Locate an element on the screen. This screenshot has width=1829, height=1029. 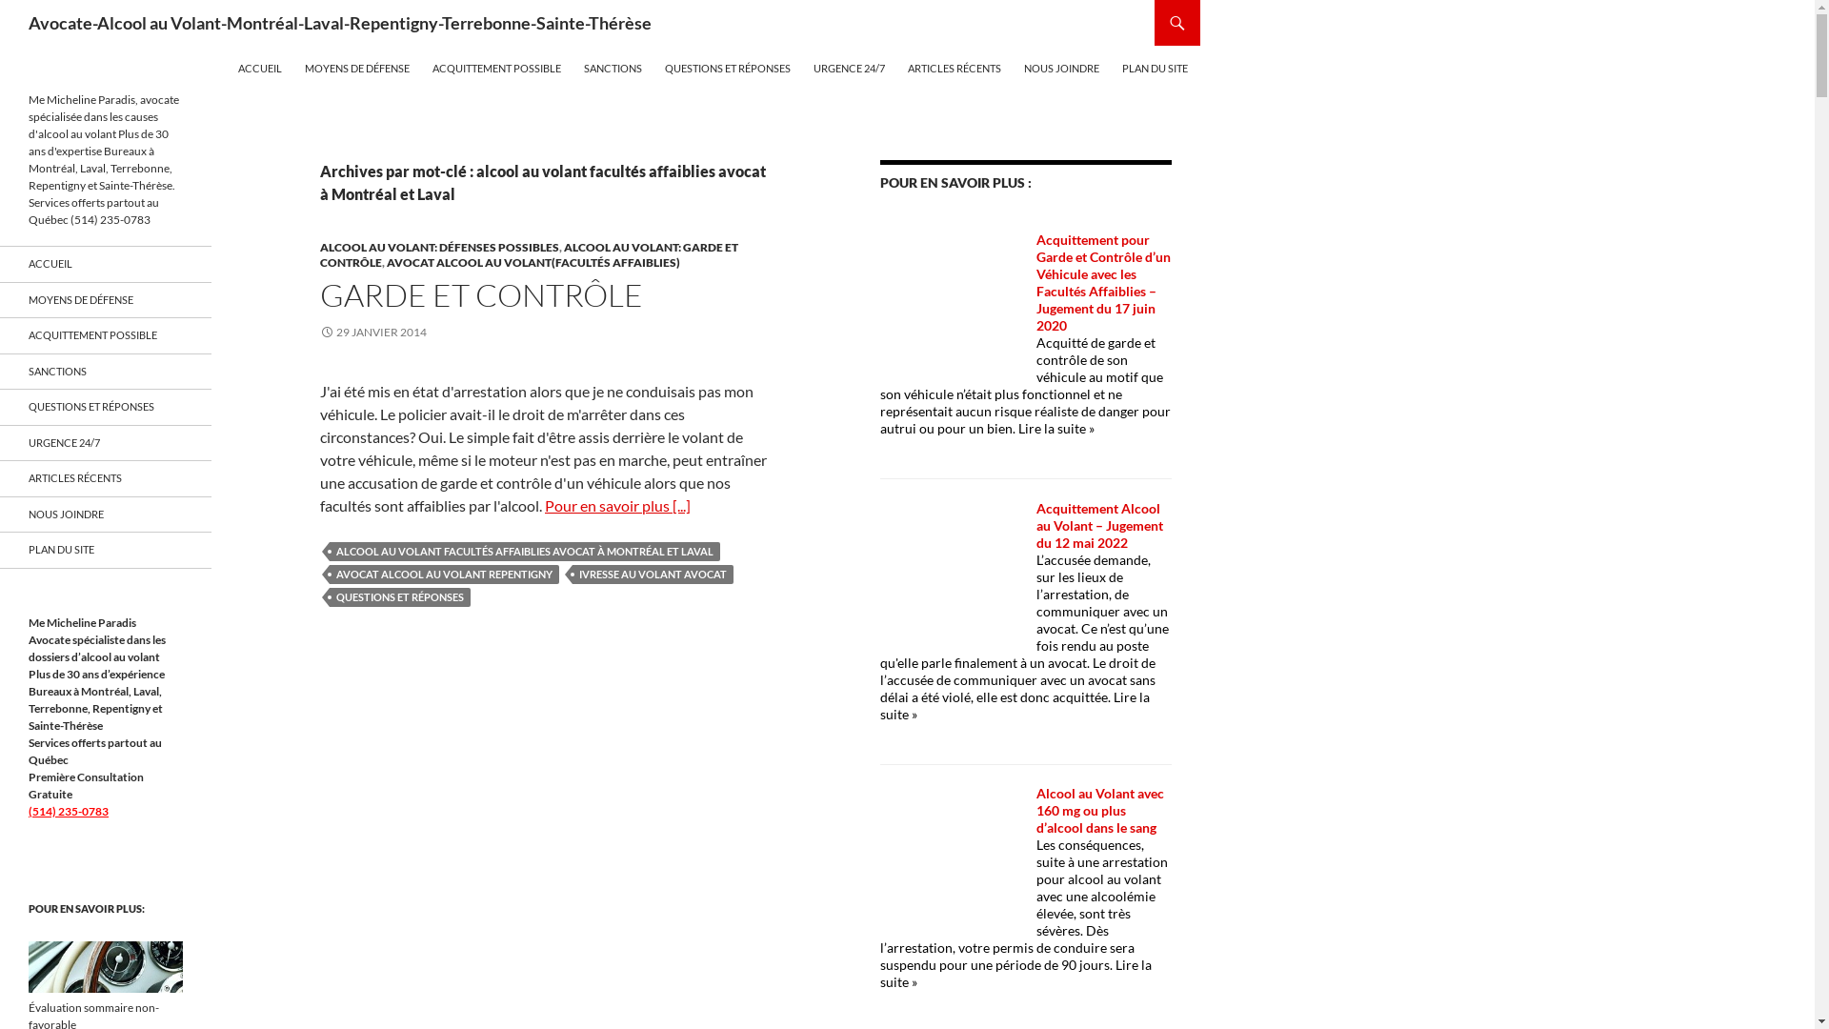
'29 JANVIER 2014' is located at coordinates (373, 331).